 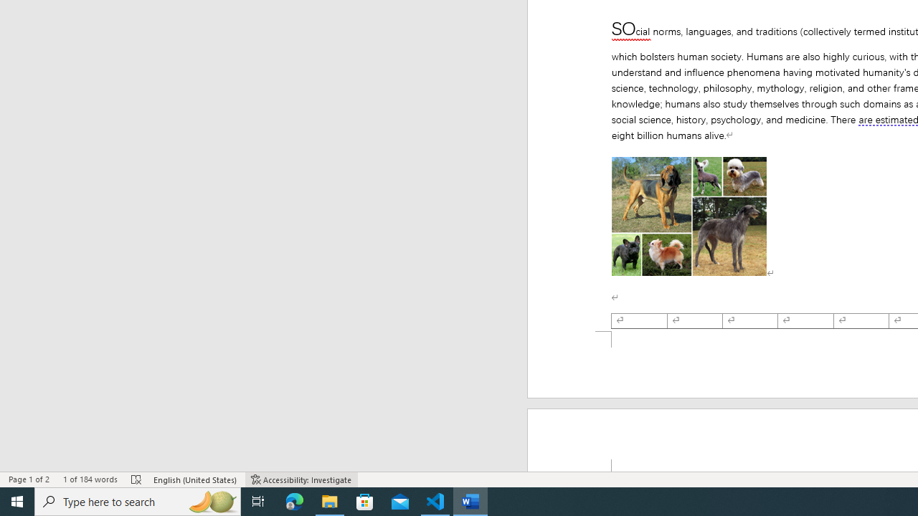 I want to click on 'Language English (United States)', so click(x=195, y=479).